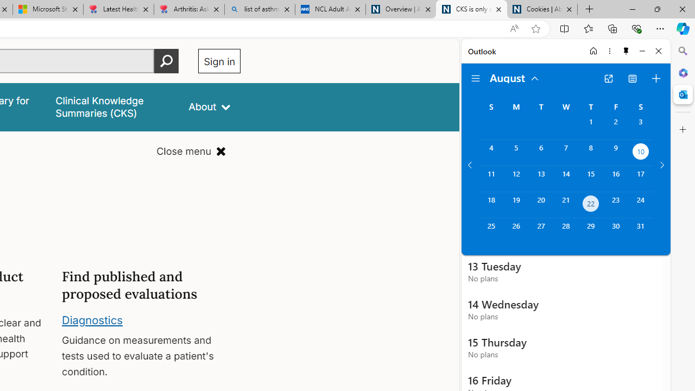  I want to click on 'Sunday, August 4, 2024. ', so click(490, 153).